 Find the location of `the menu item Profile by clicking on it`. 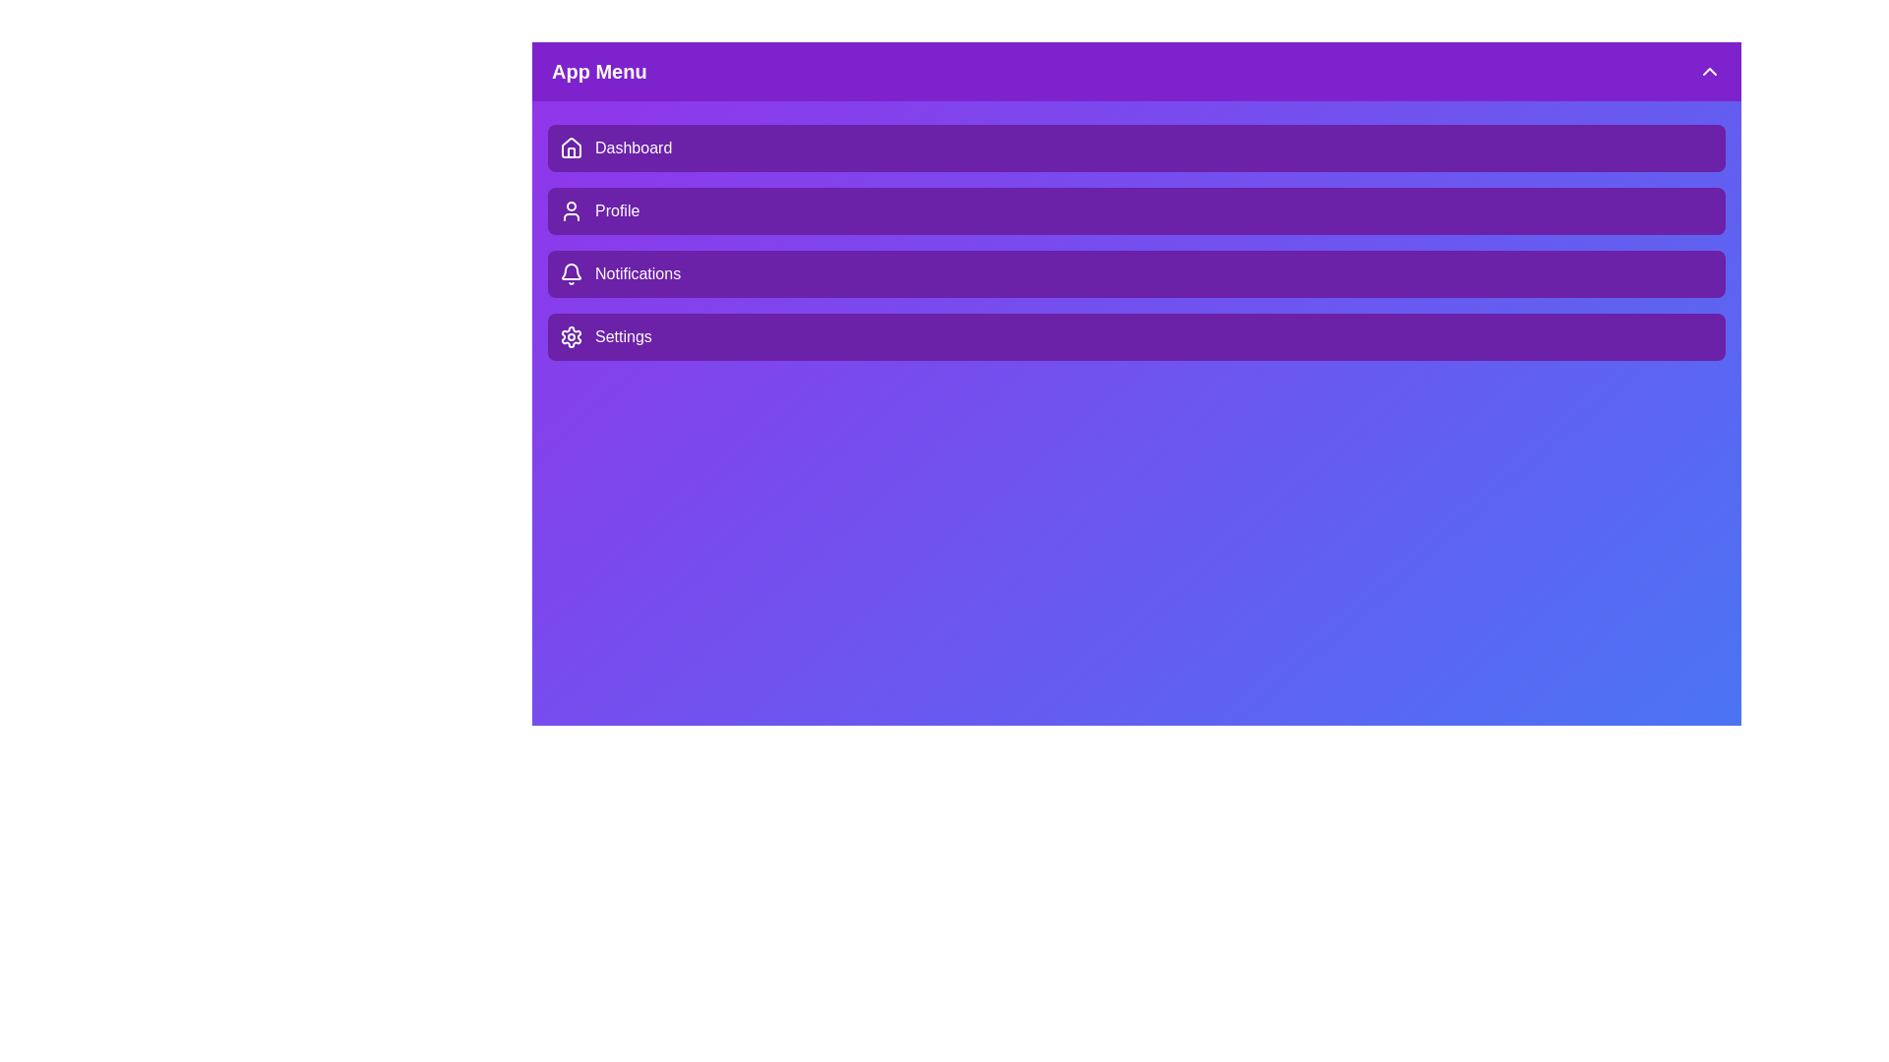

the menu item Profile by clicking on it is located at coordinates (1136, 211).